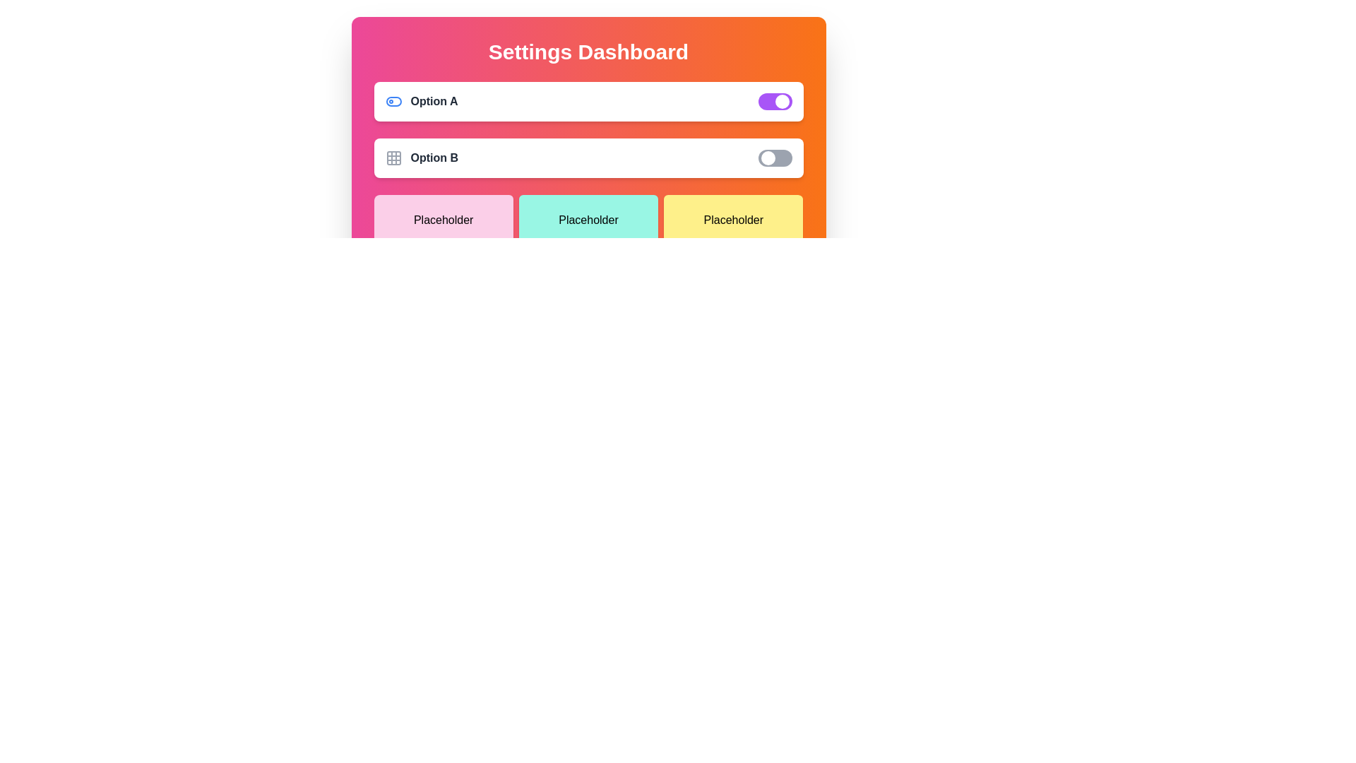 This screenshot has width=1356, height=763. What do you see at coordinates (781, 100) in the screenshot?
I see `the toggle button handle that indicates the 'on' state of the first toggle switch corresponding to 'Option A' in the Settings Dashboard` at bounding box center [781, 100].